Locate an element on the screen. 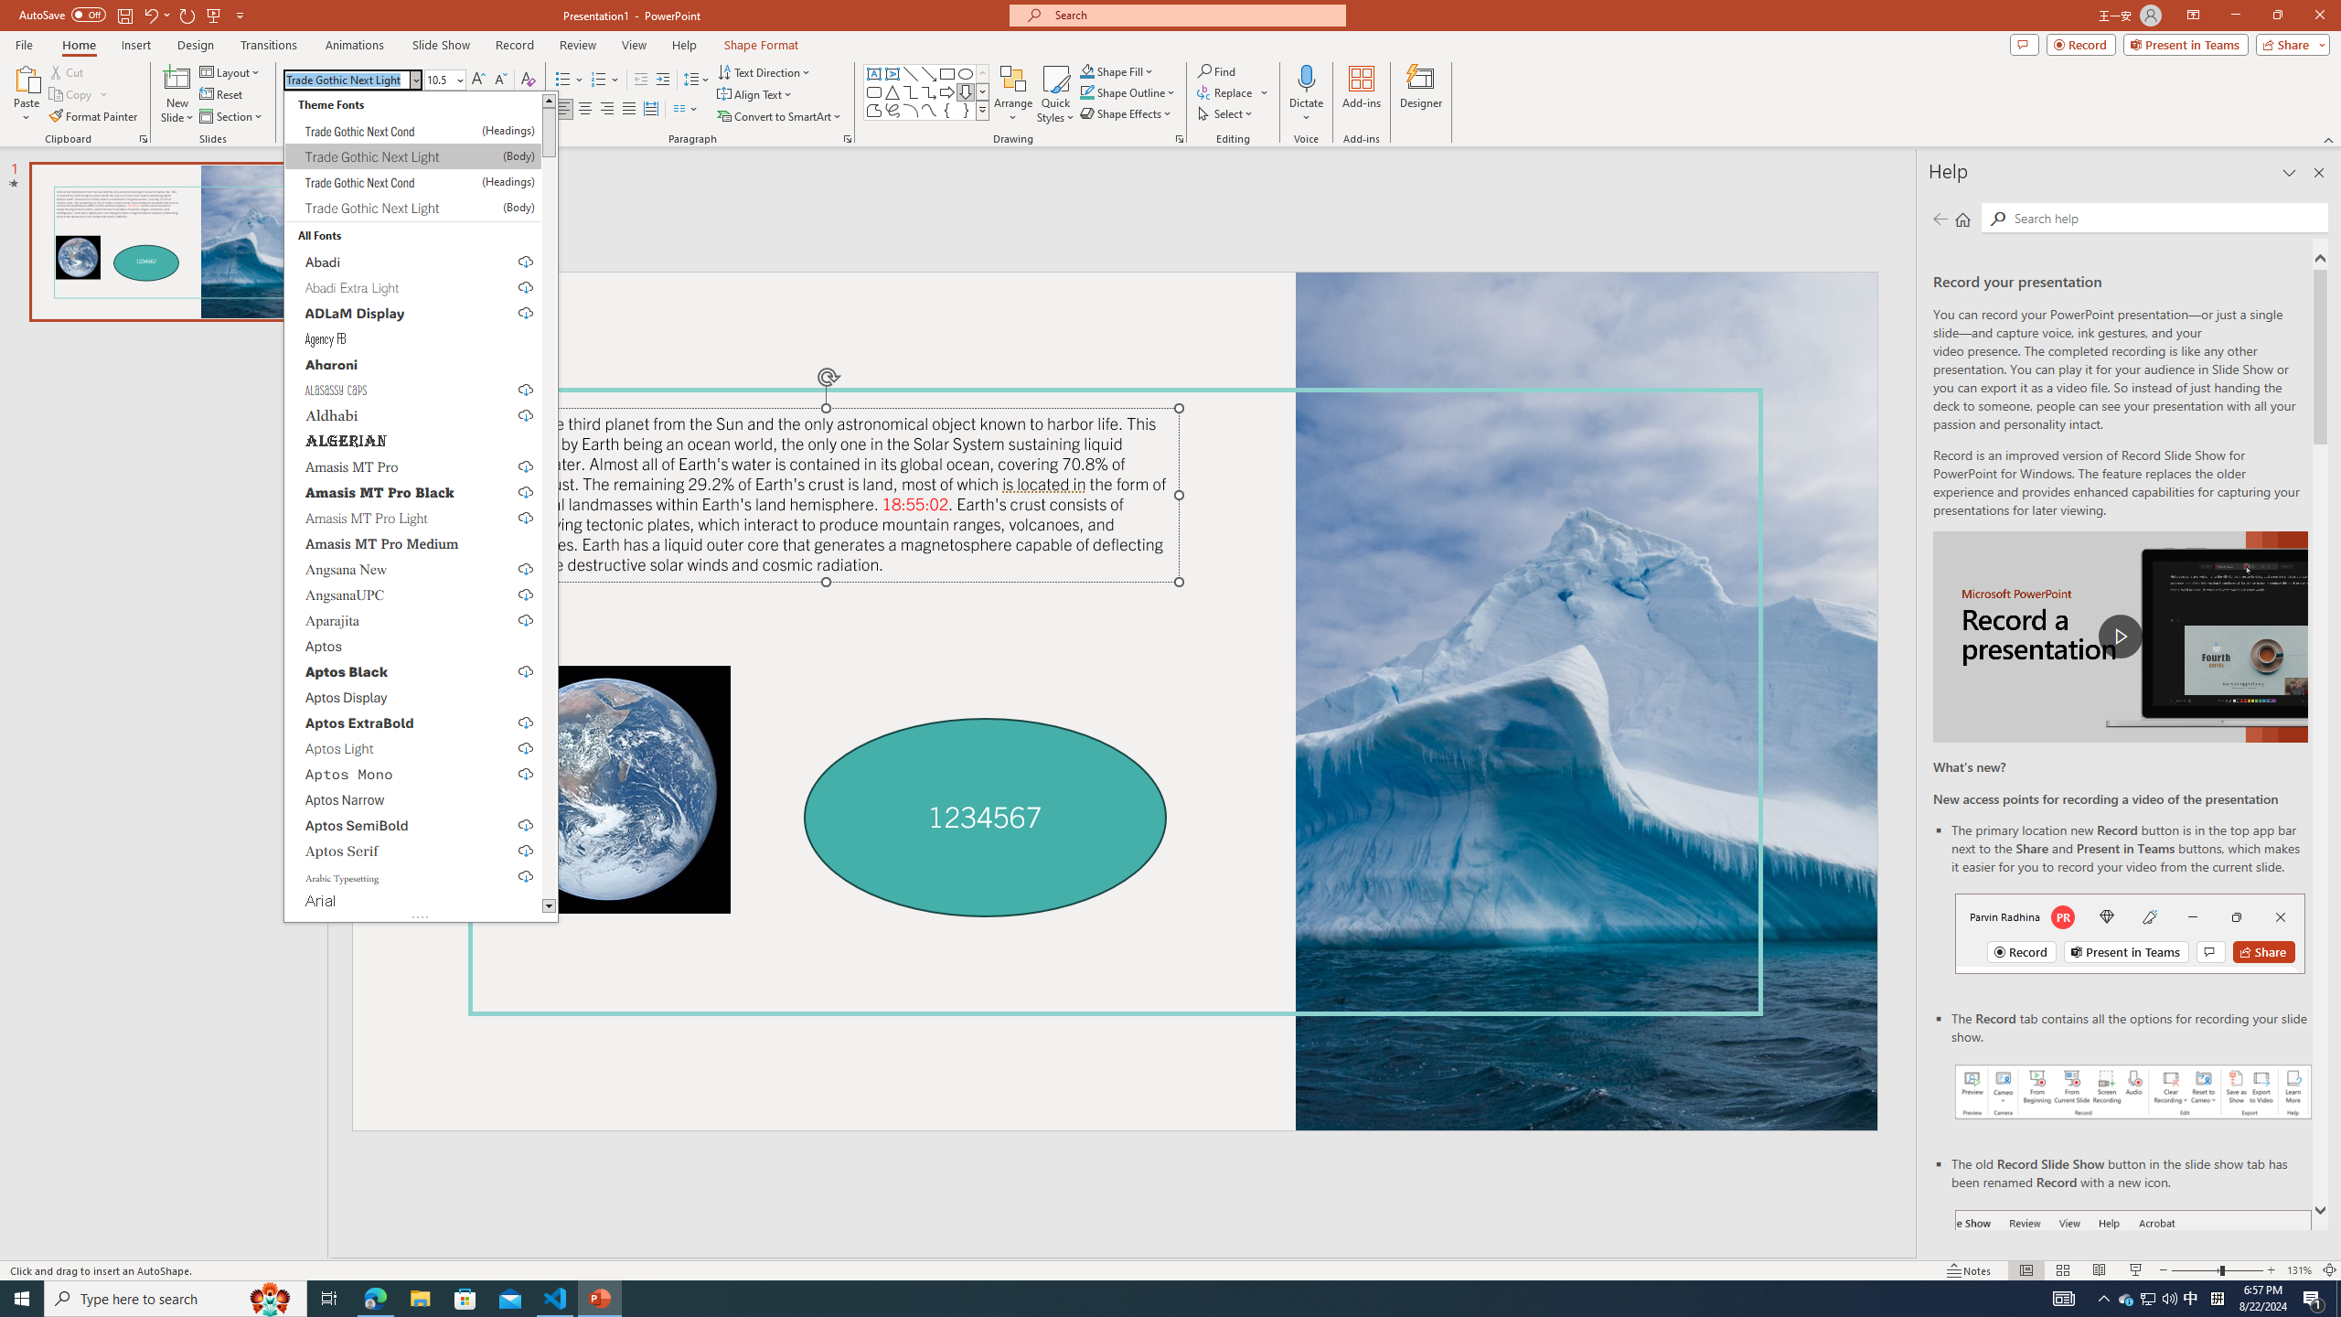 Image resolution: width=2341 pixels, height=1317 pixels. 'Justify' is located at coordinates (627, 108).